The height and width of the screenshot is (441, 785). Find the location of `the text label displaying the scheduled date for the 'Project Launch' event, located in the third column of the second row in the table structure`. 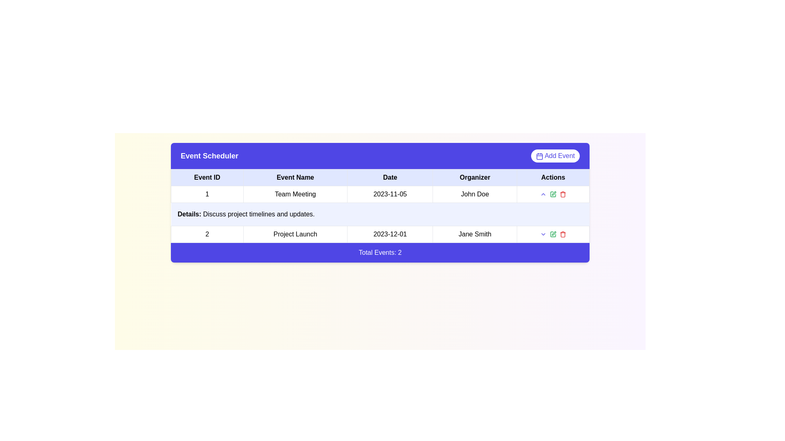

the text label displaying the scheduled date for the 'Project Launch' event, located in the third column of the second row in the table structure is located at coordinates (390, 234).